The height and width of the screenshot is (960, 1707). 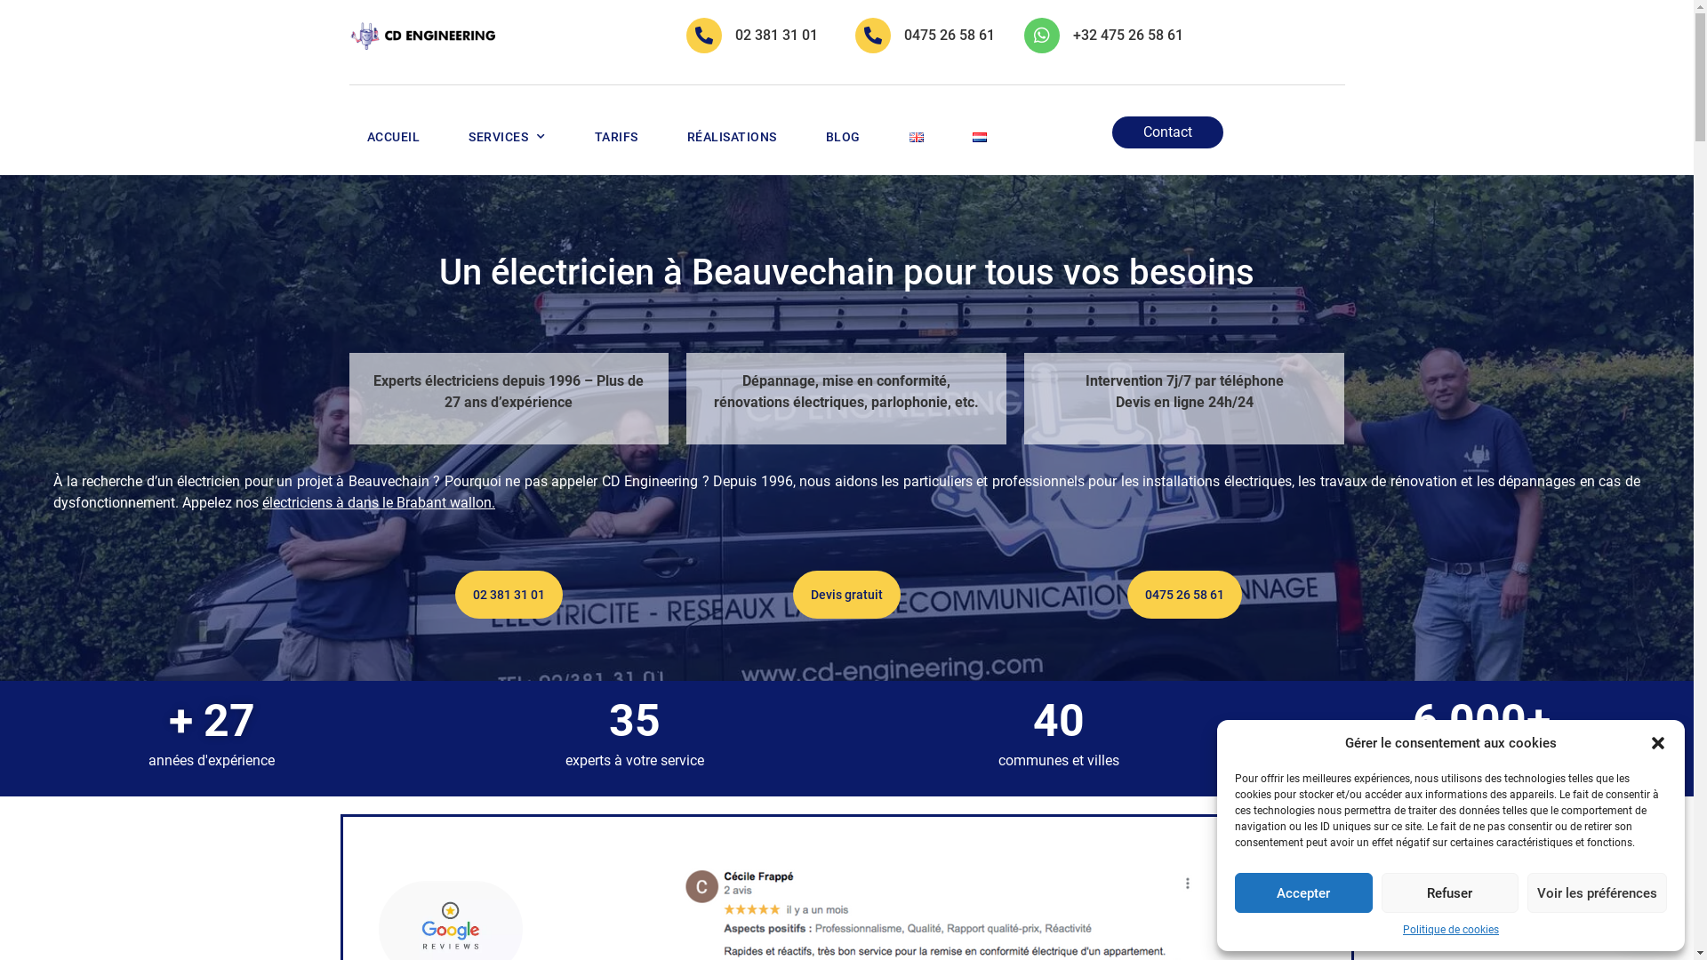 What do you see at coordinates (1126, 594) in the screenshot?
I see `'0475 26 58 61'` at bounding box center [1126, 594].